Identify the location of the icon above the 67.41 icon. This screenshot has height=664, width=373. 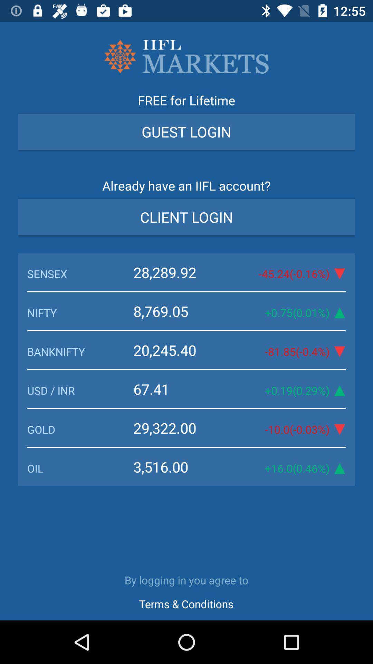
(80, 351).